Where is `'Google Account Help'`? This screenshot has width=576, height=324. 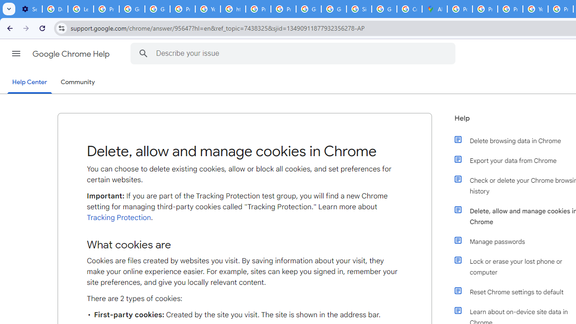 'Google Account Help' is located at coordinates (131, 9).